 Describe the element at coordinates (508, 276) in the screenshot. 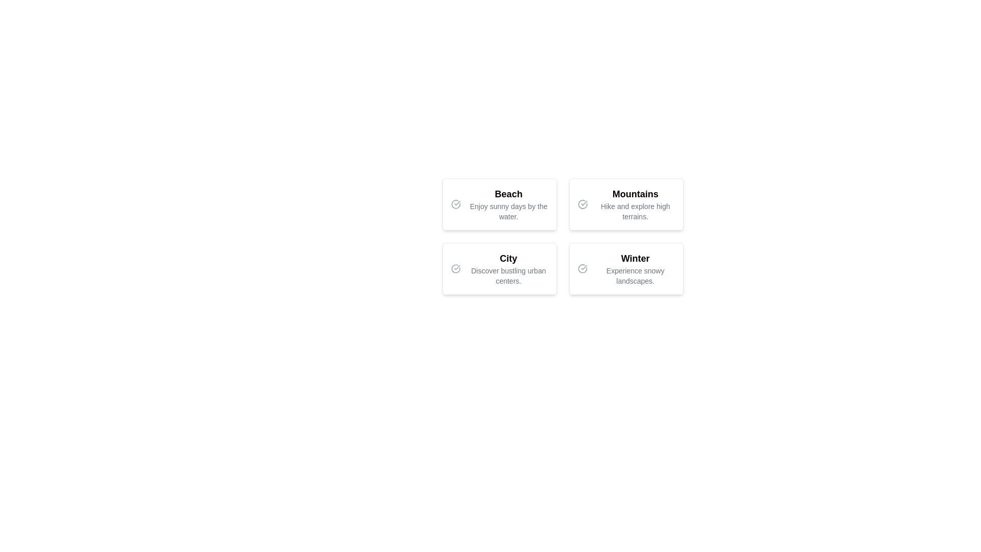

I see `the textual label that says 'Discover bustling urban centers.' situated in the lower central position of the 'City' section` at that location.